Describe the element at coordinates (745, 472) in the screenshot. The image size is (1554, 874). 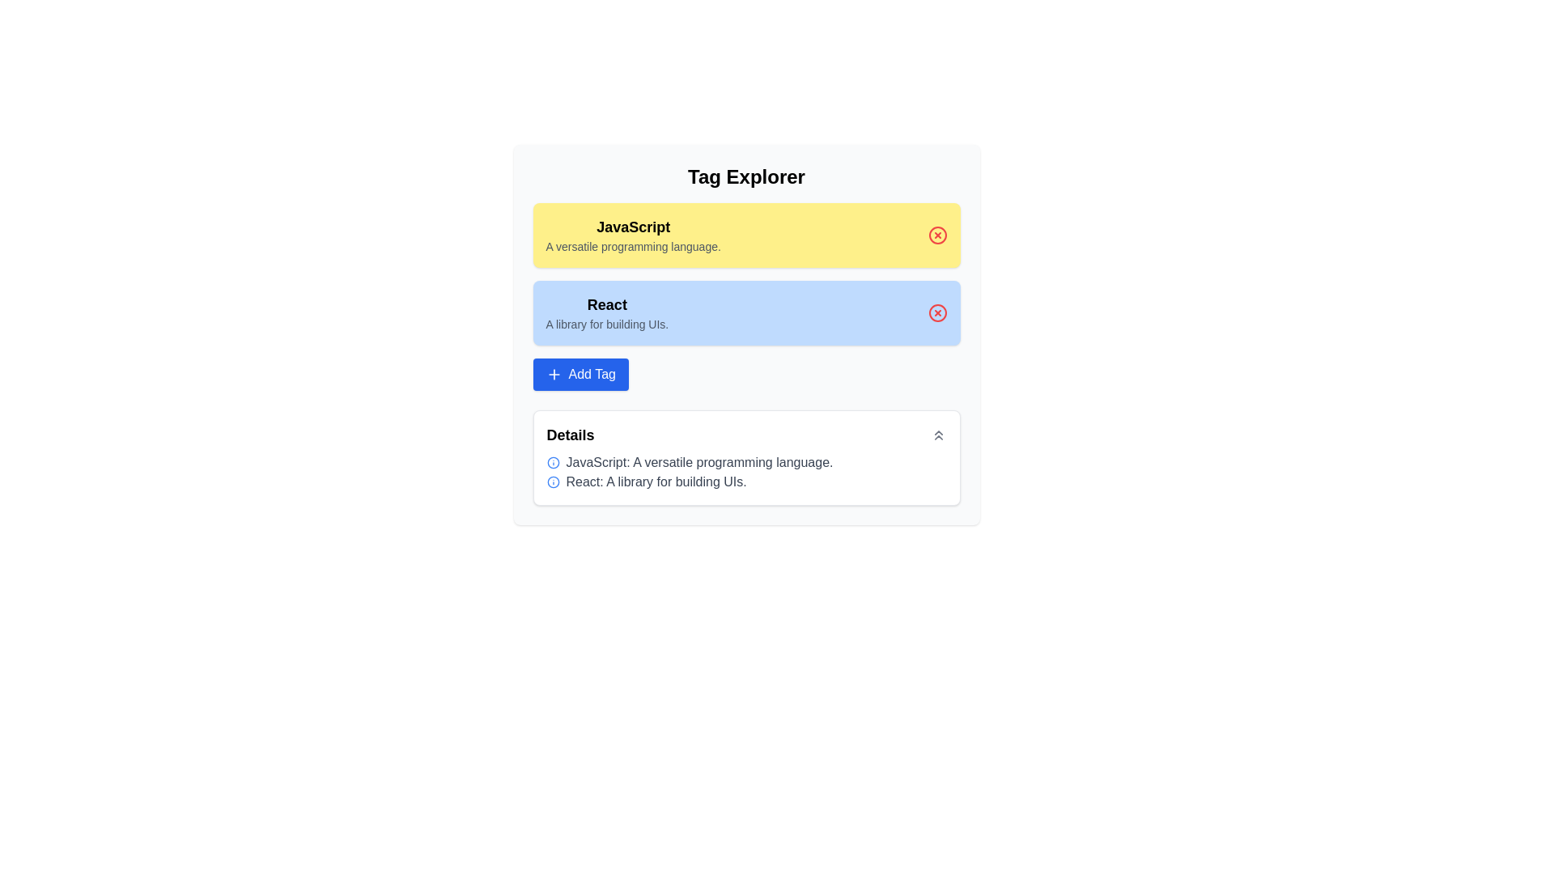
I see `the bullet point list containing information about 'JavaScript' and 'React'` at that location.